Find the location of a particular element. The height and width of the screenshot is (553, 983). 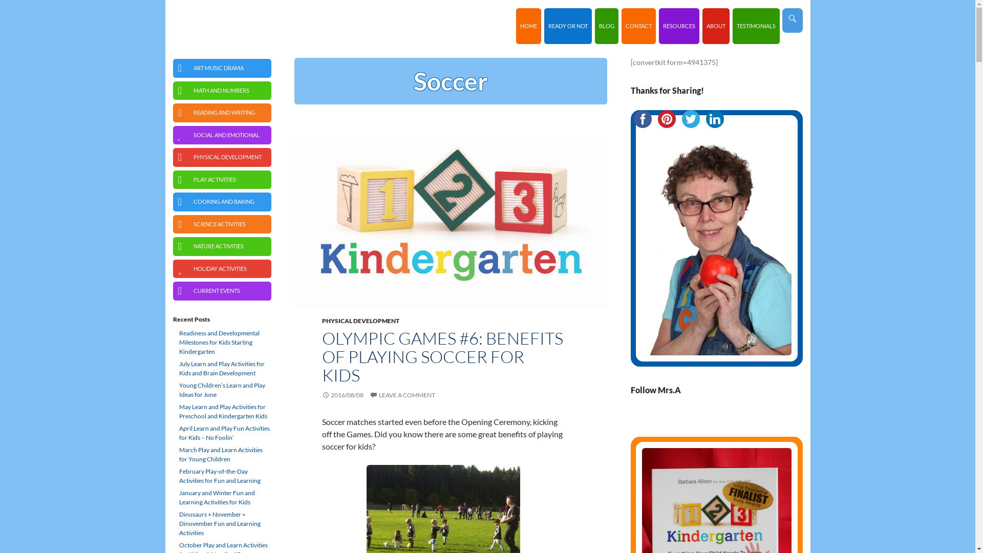

'PHYSICAL DEVELOPMENT' is located at coordinates (360, 320).